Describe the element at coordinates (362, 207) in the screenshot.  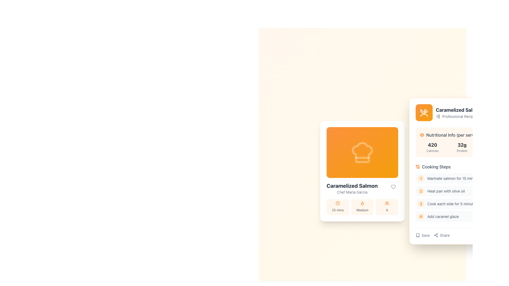
I see `the 'Medium' difficulty level text label with an icon` at that location.